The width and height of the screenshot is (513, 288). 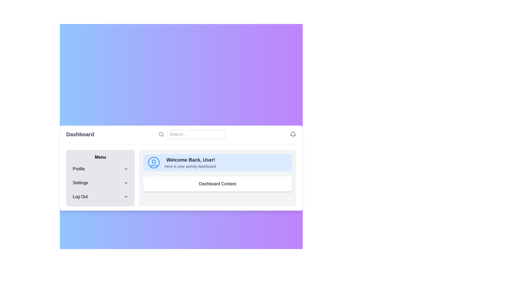 What do you see at coordinates (100, 178) in the screenshot?
I see `the 'Profile' menu item in the vertical menu panel with a light gray background and rounded corners` at bounding box center [100, 178].